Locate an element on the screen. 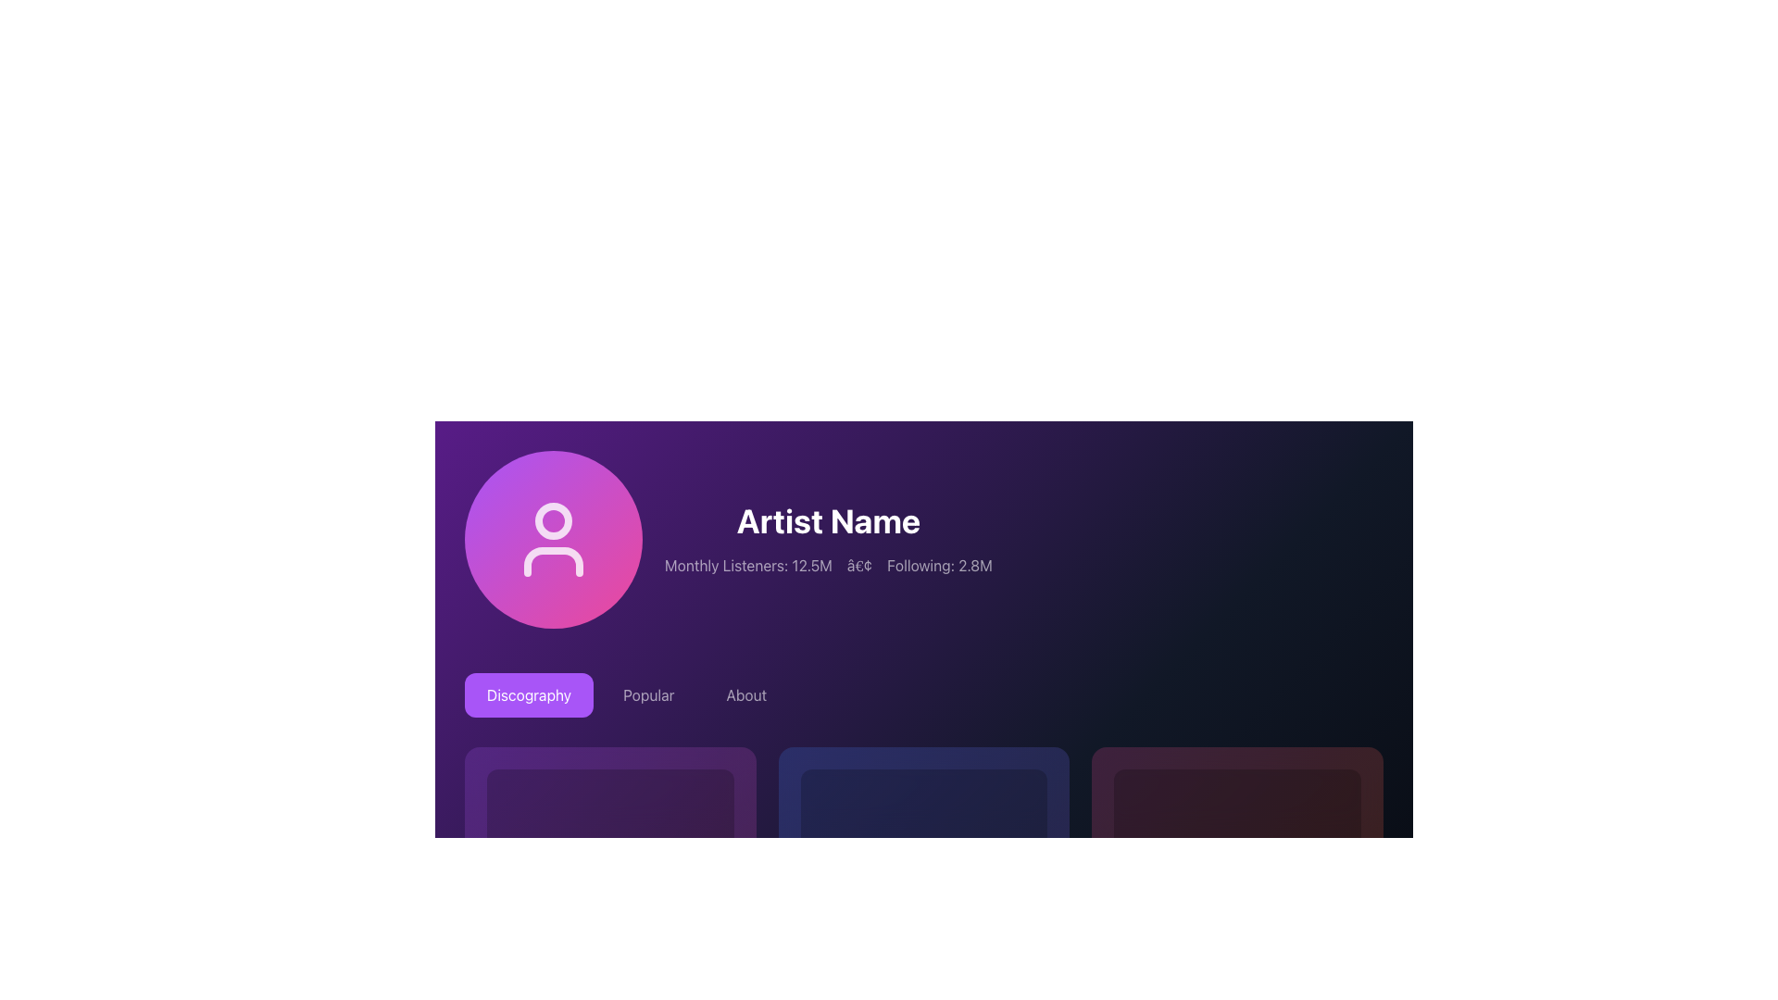 The height and width of the screenshot is (1000, 1778). the user profile SVG icon, which features a circular head outline and trapezoidal shoulders is located at coordinates (553, 539).